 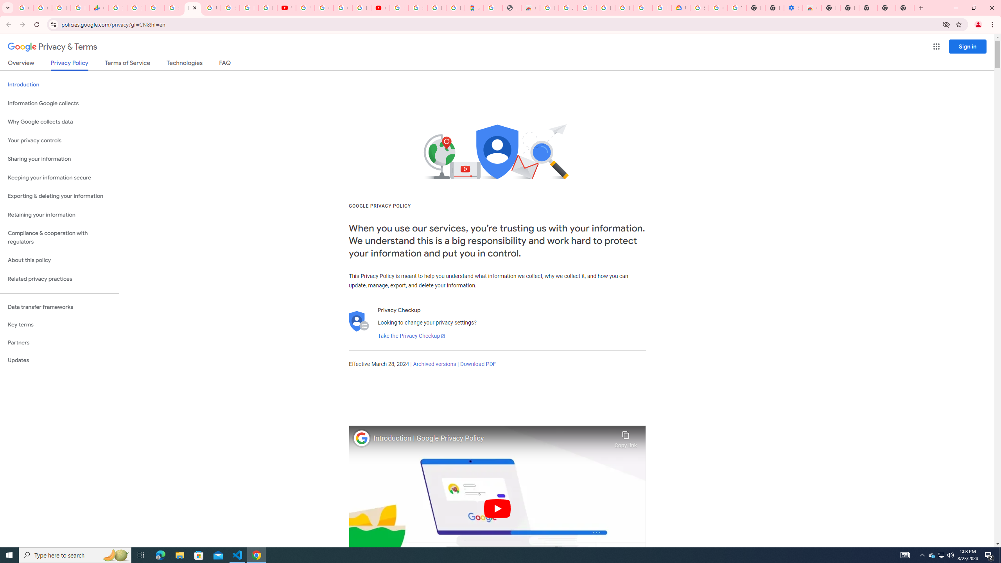 What do you see at coordinates (811, 7) in the screenshot?
I see `'Chrome Web Store - Accessibility extensions'` at bounding box center [811, 7].